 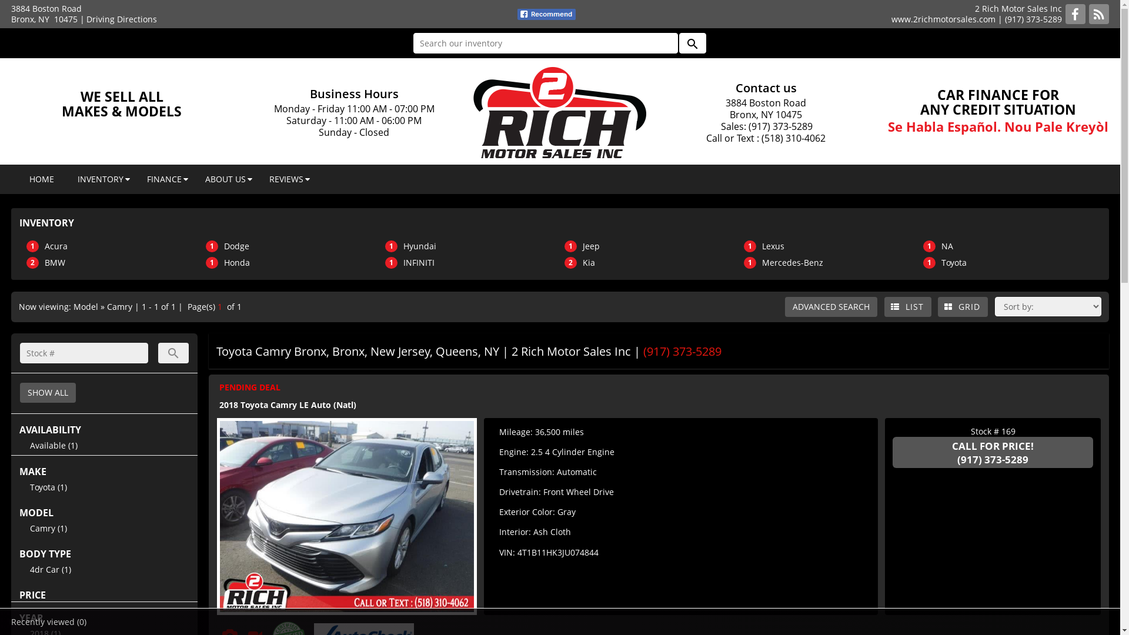 I want to click on 'www.2richmotorsales.com', so click(x=891, y=19).